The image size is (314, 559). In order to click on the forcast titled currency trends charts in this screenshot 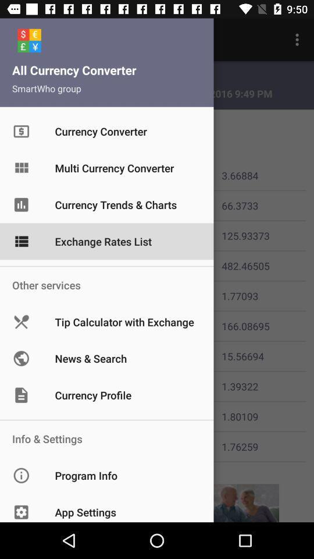, I will do `click(31, 205)`.